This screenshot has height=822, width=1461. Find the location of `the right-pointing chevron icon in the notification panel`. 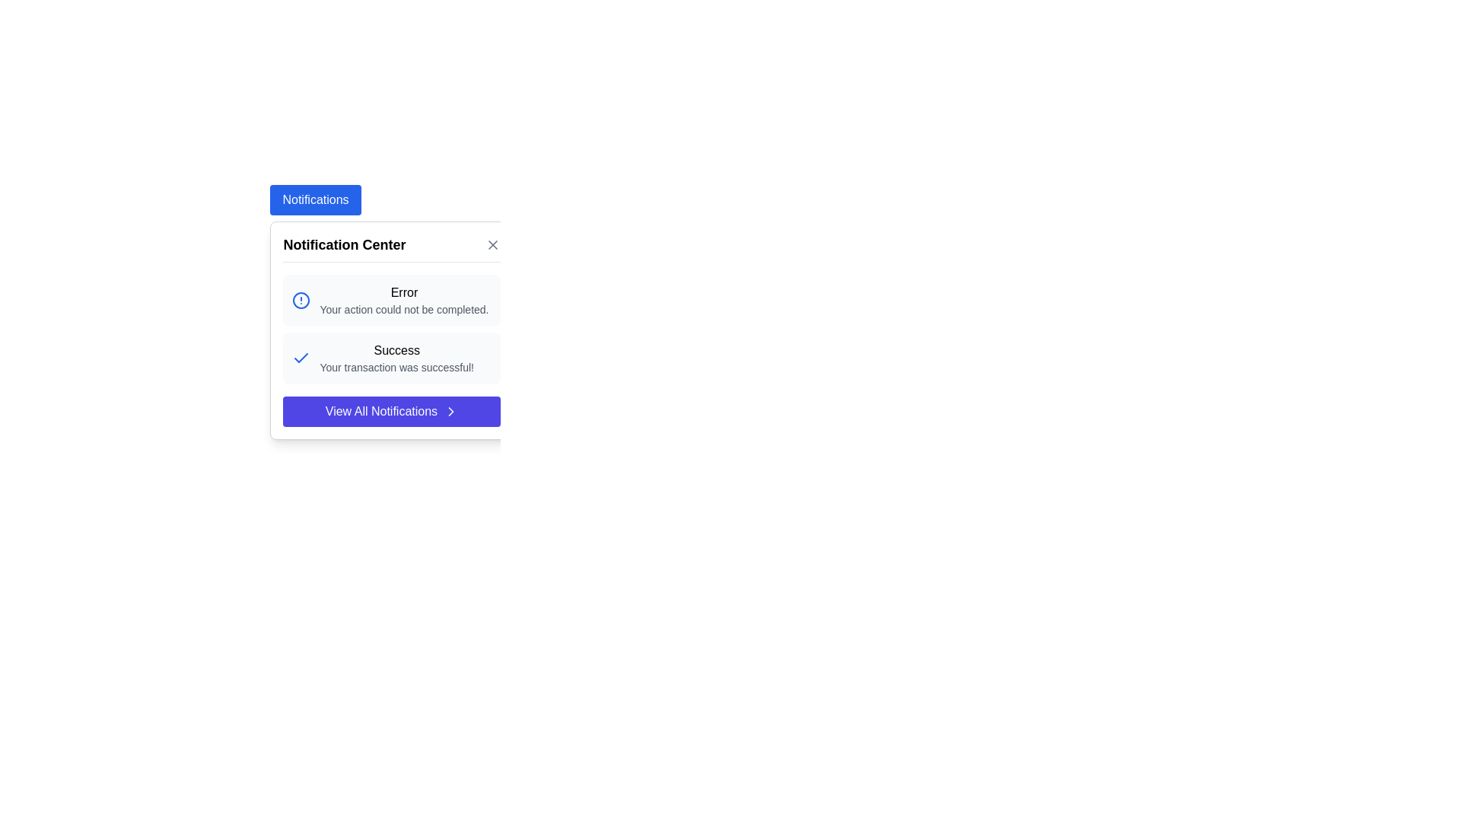

the right-pointing chevron icon in the notification panel is located at coordinates (450, 411).